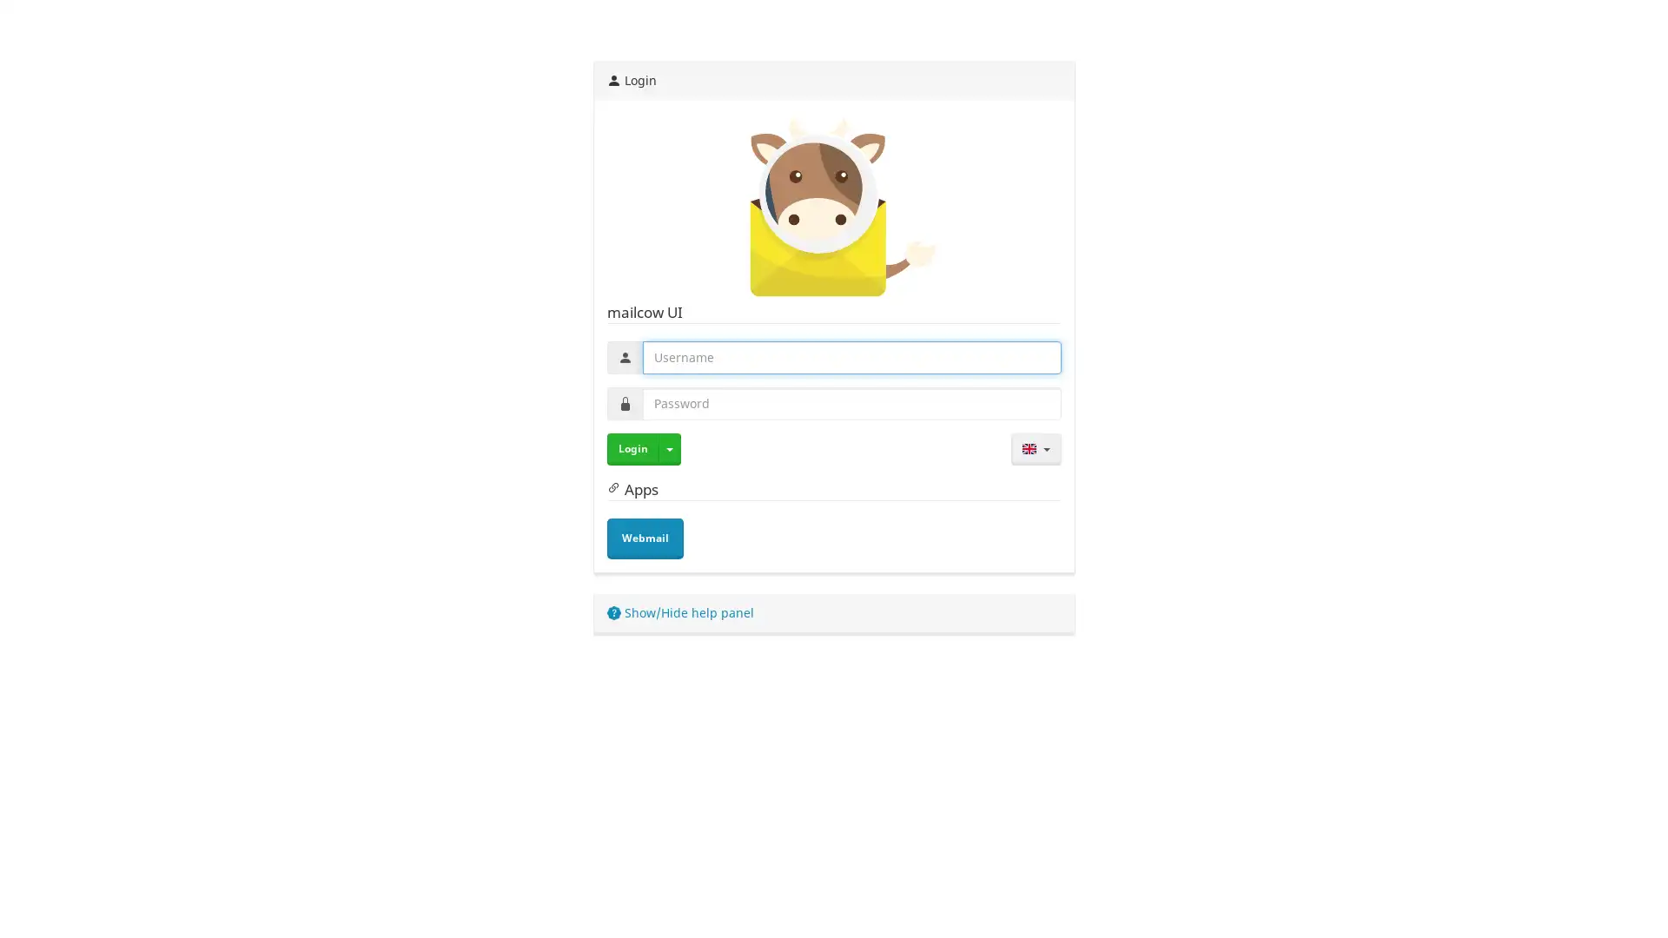 The image size is (1668, 938). I want to click on Login, so click(632, 447).